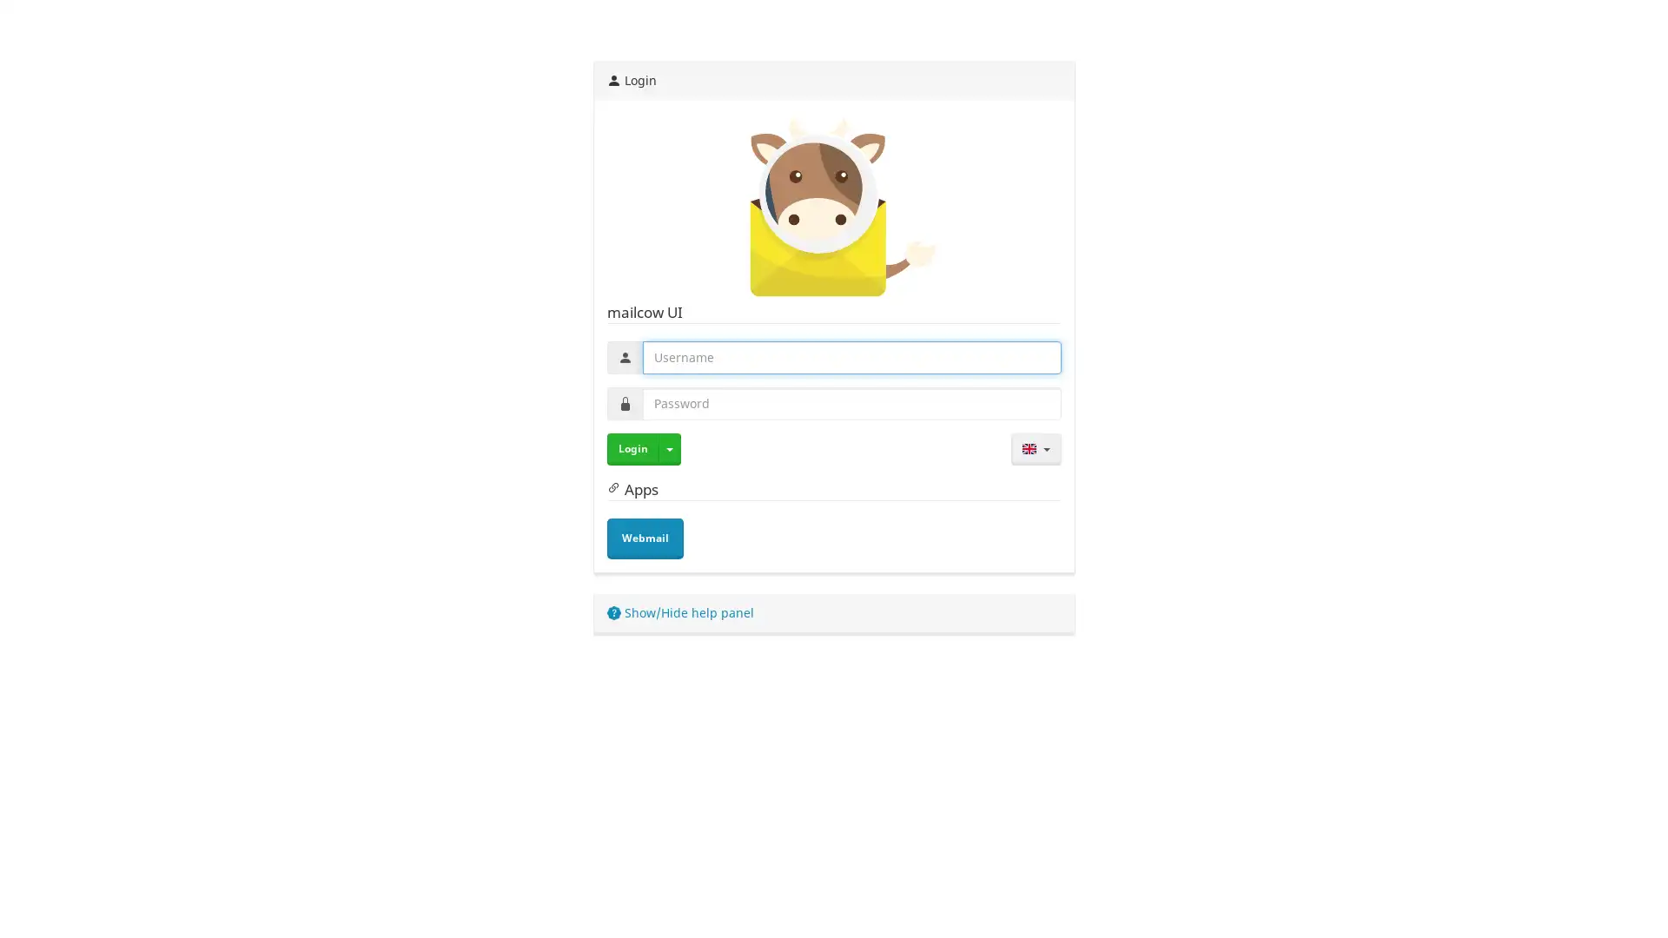 The image size is (1668, 938). I want to click on Login, so click(632, 447).